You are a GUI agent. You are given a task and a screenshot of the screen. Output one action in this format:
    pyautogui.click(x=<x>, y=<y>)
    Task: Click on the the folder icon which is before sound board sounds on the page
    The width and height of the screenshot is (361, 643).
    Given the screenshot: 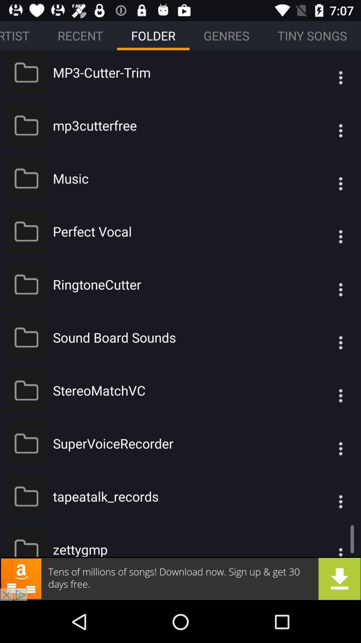 What is the action you would take?
    pyautogui.click(x=26, y=337)
    